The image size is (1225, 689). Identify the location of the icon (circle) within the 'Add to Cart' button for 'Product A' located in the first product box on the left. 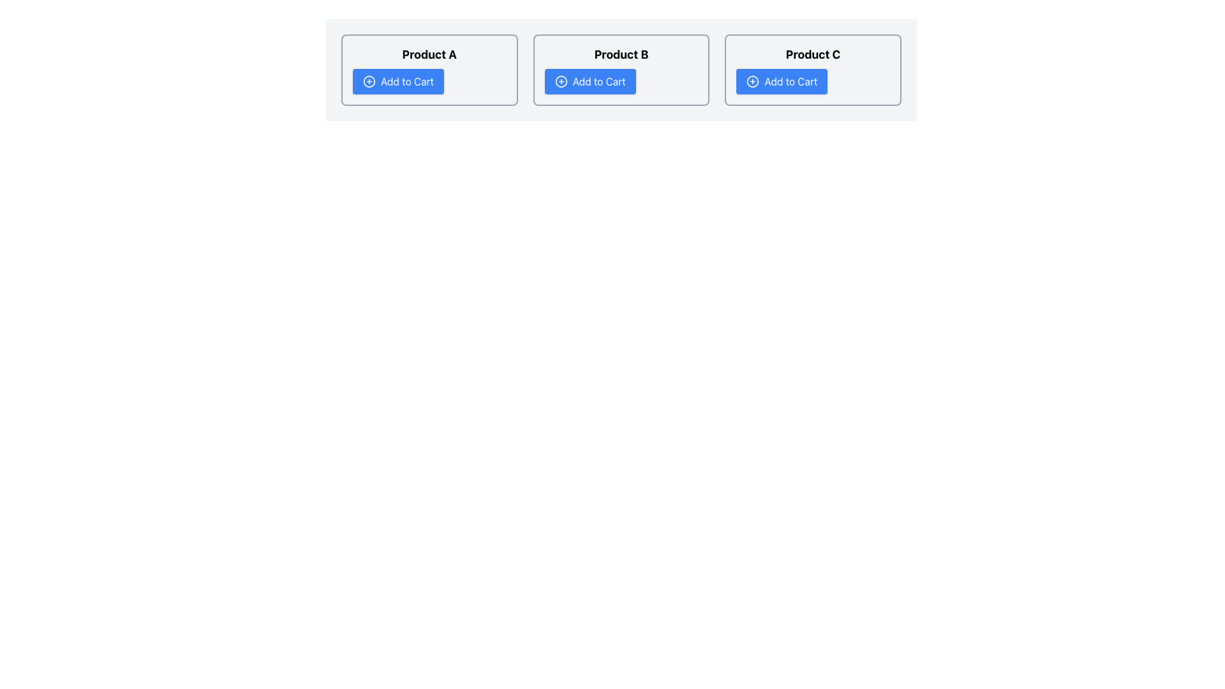
(369, 81).